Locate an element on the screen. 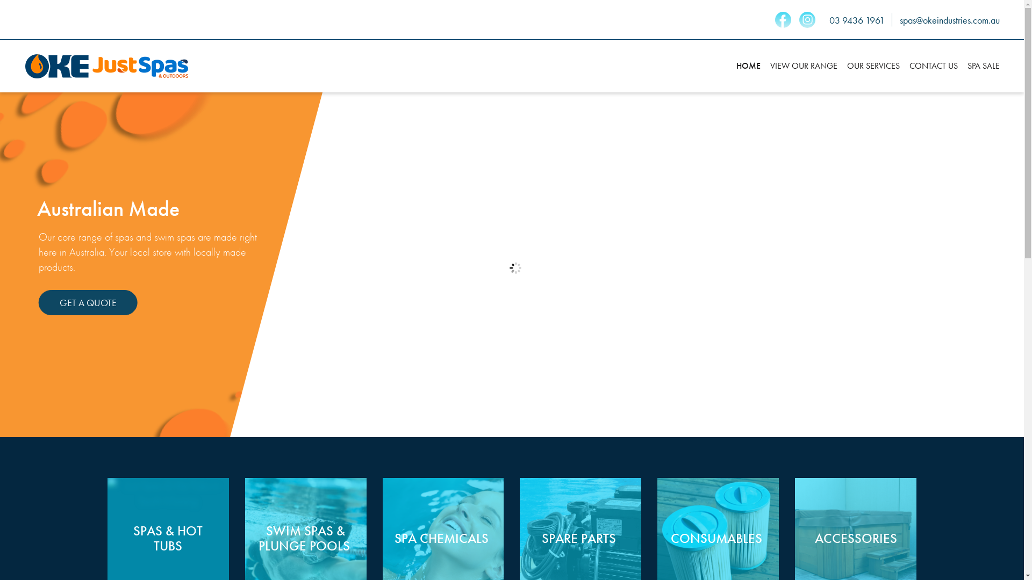 This screenshot has width=1032, height=580. 'VIEW OUR RANGE' is located at coordinates (804, 66).